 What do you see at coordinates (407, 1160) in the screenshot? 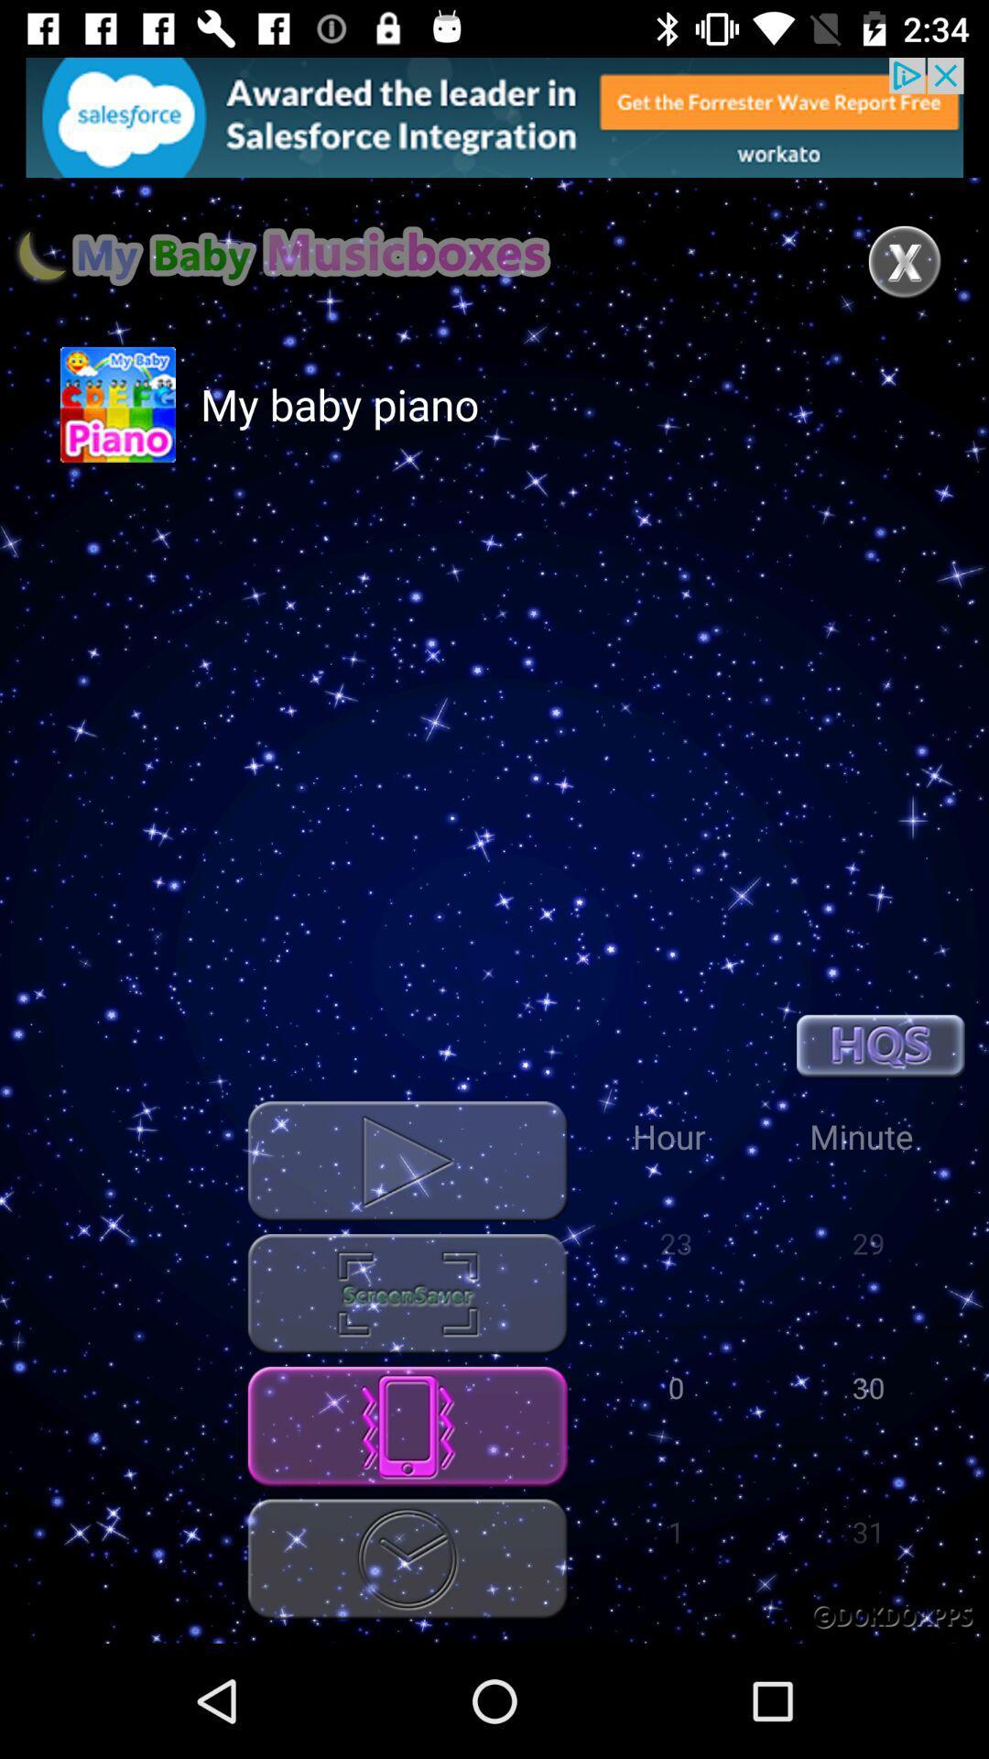
I see `button` at bounding box center [407, 1160].